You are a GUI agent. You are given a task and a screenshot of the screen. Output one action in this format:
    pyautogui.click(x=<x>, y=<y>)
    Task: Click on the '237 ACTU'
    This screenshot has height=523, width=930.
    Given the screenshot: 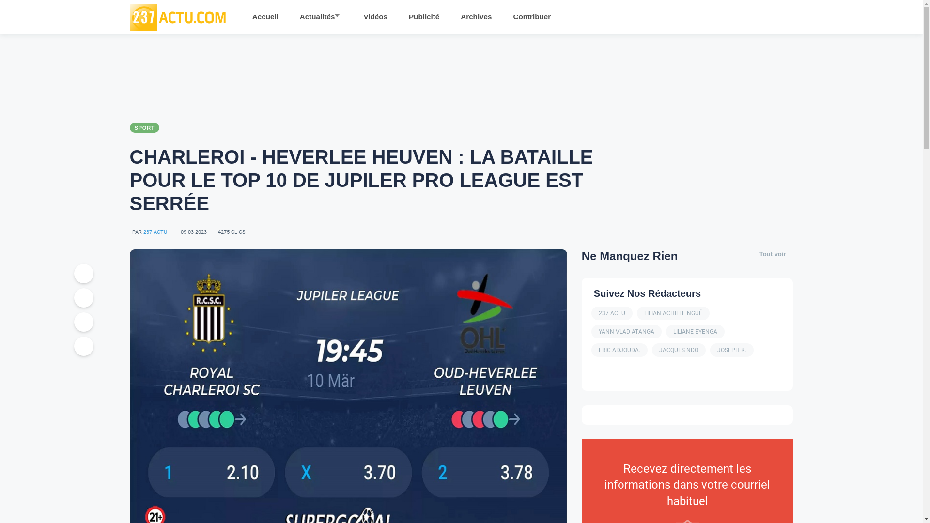 What is the action you would take?
    pyautogui.click(x=143, y=232)
    